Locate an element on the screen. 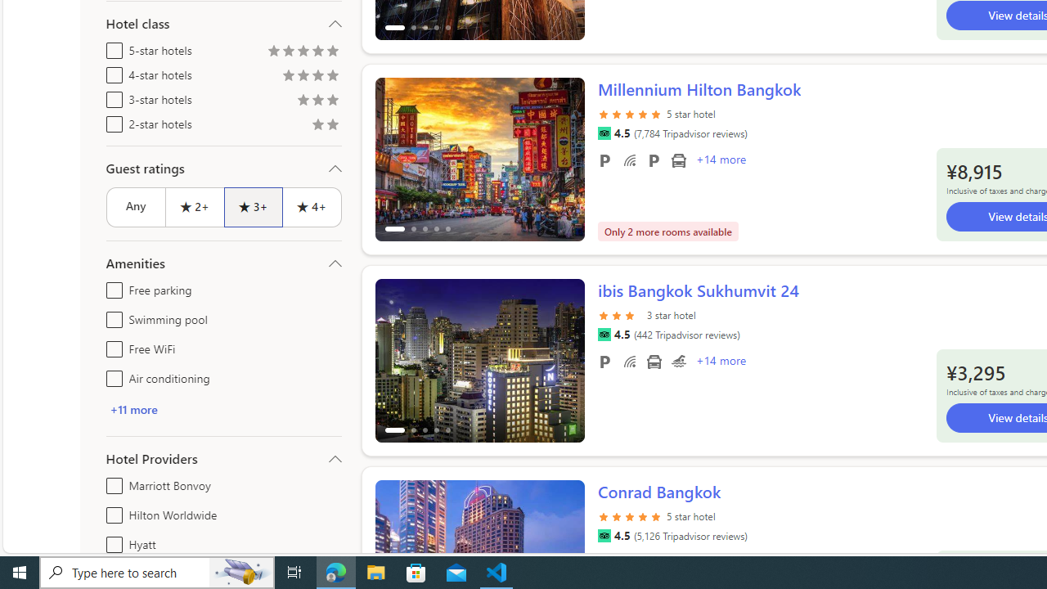 This screenshot has height=589, width=1047. 'Hotel Providers' is located at coordinates (222, 458).